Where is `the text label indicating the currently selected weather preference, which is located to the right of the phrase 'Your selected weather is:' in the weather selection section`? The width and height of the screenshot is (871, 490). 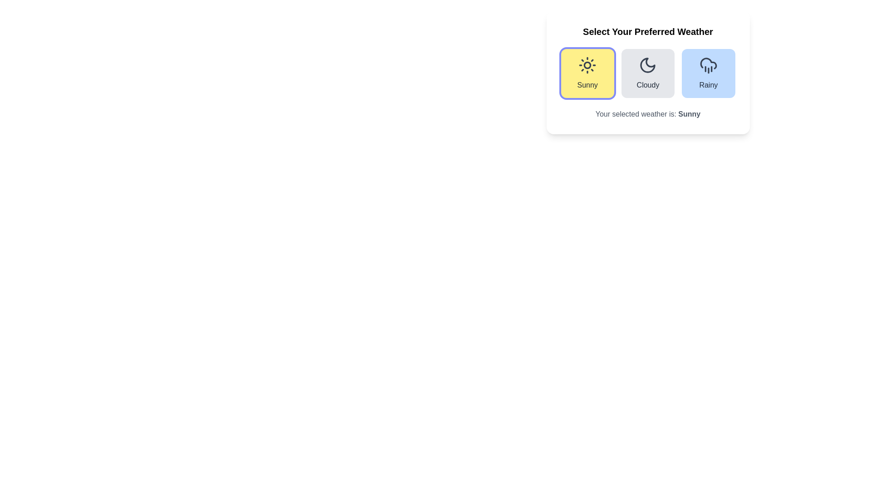
the text label indicating the currently selected weather preference, which is located to the right of the phrase 'Your selected weather is:' in the weather selection section is located at coordinates (689, 113).